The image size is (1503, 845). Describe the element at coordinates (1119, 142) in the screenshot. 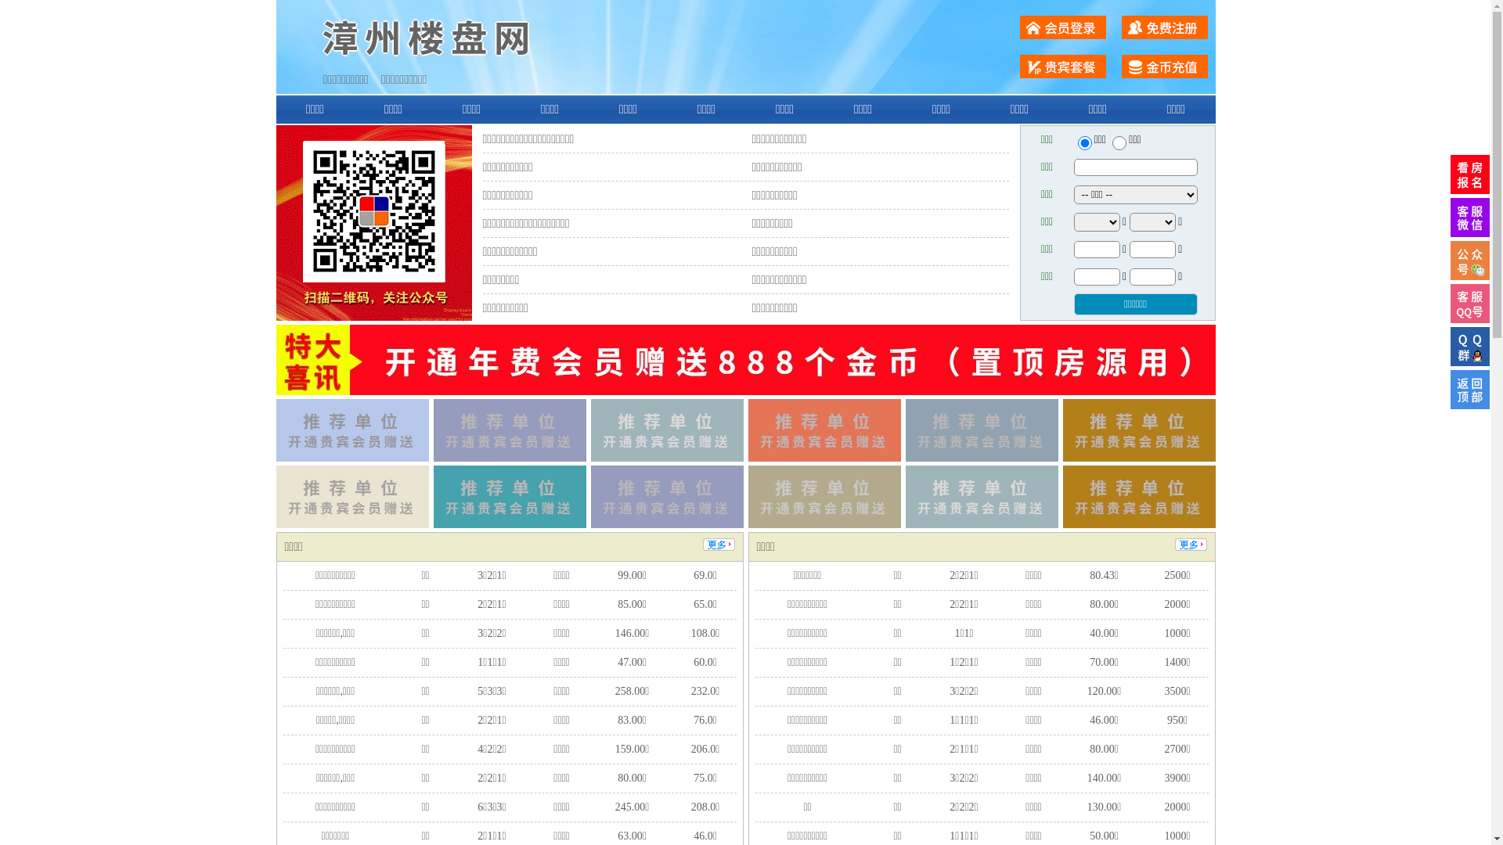

I see `'chuzu'` at that location.